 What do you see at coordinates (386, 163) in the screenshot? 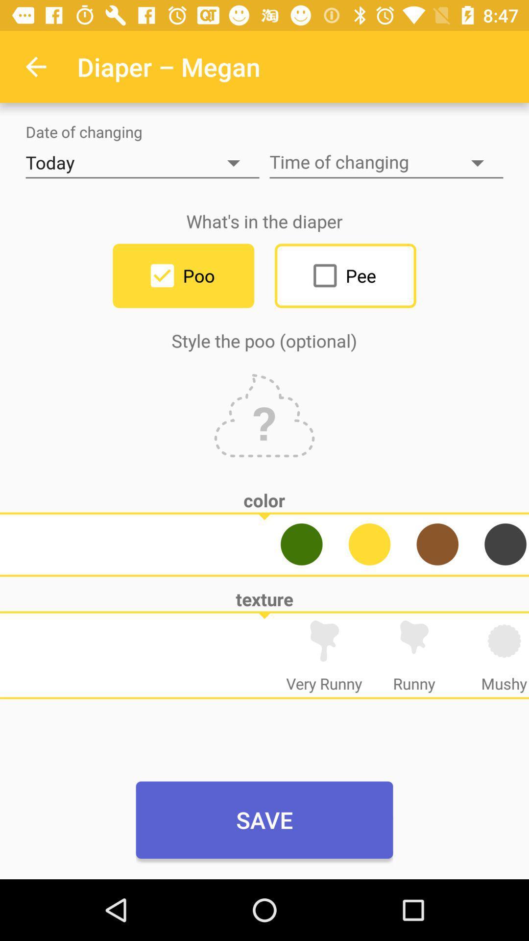
I see `time of changing` at bounding box center [386, 163].